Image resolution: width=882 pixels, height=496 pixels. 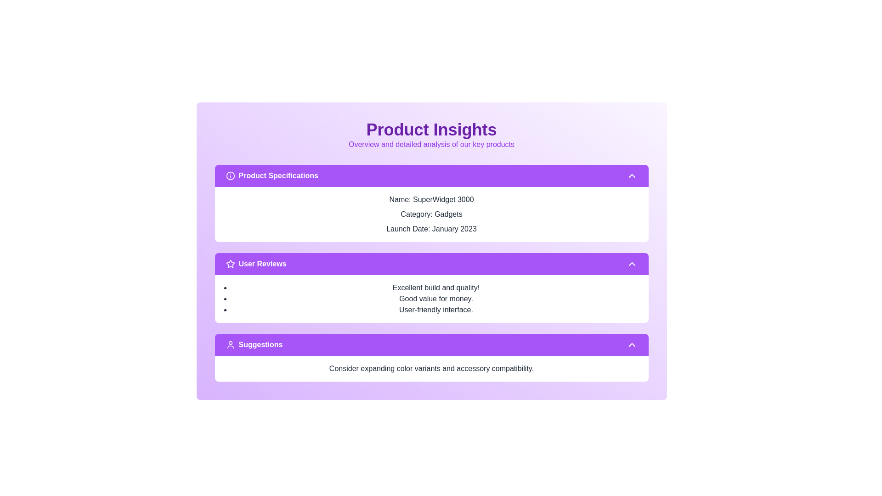 What do you see at coordinates (431, 368) in the screenshot?
I see `the text box that contains the message 'Consider expanding color variants and accessory compatibility.' located in the 'Suggestions' section at the bottom of the list` at bounding box center [431, 368].